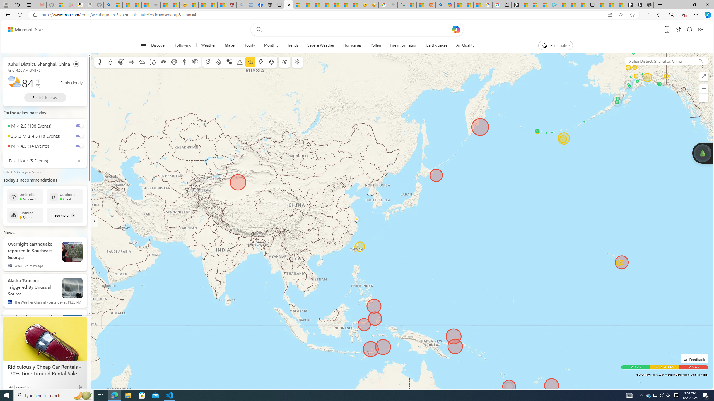 This screenshot has width=714, height=401. I want to click on 'Microsoft-Report a Concern to Bing', so click(60, 4).